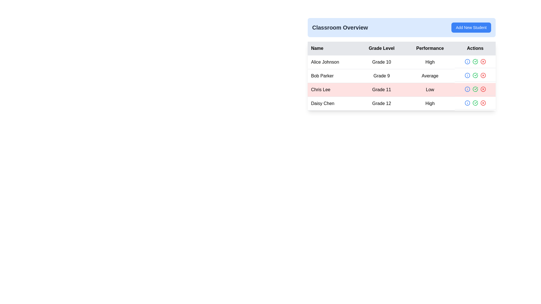  Describe the element at coordinates (333, 76) in the screenshot. I see `the text label 'Bob Parker' in the second row of the table under the 'Name' column, which is styled in a clear sans-serif font and left-aligned` at that location.